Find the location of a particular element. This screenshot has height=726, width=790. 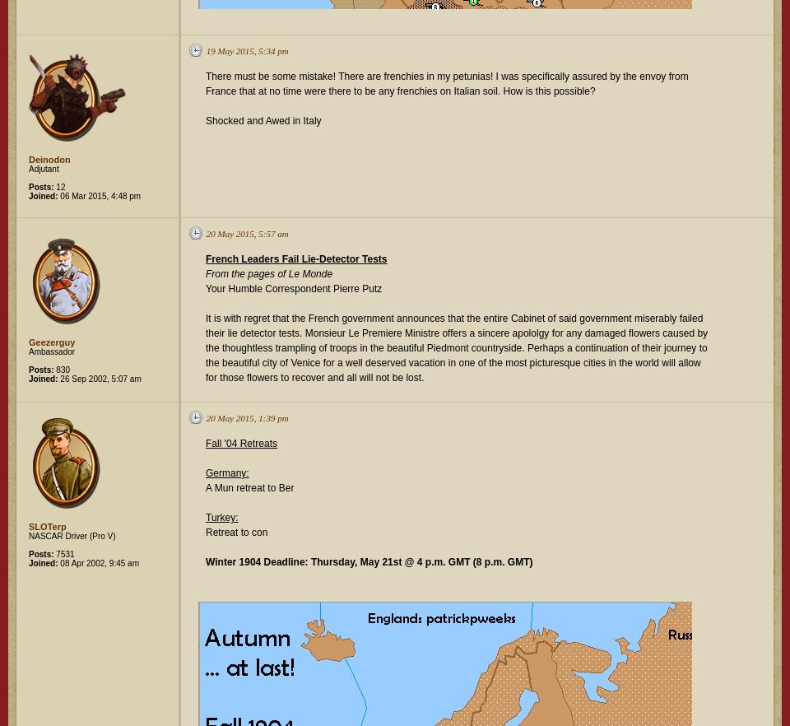

'12' is located at coordinates (59, 186).